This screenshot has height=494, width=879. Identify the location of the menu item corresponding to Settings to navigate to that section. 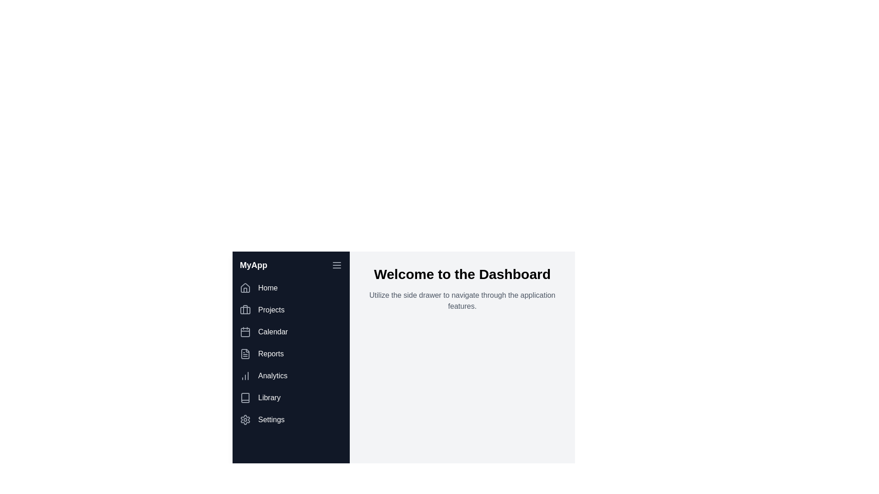
(290, 420).